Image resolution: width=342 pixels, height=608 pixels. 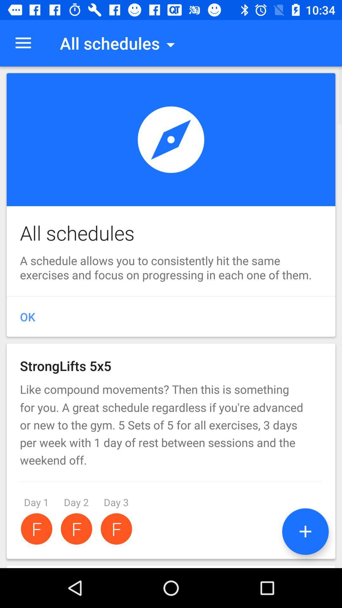 What do you see at coordinates (305, 531) in the screenshot?
I see `blue button at bottom right` at bounding box center [305, 531].